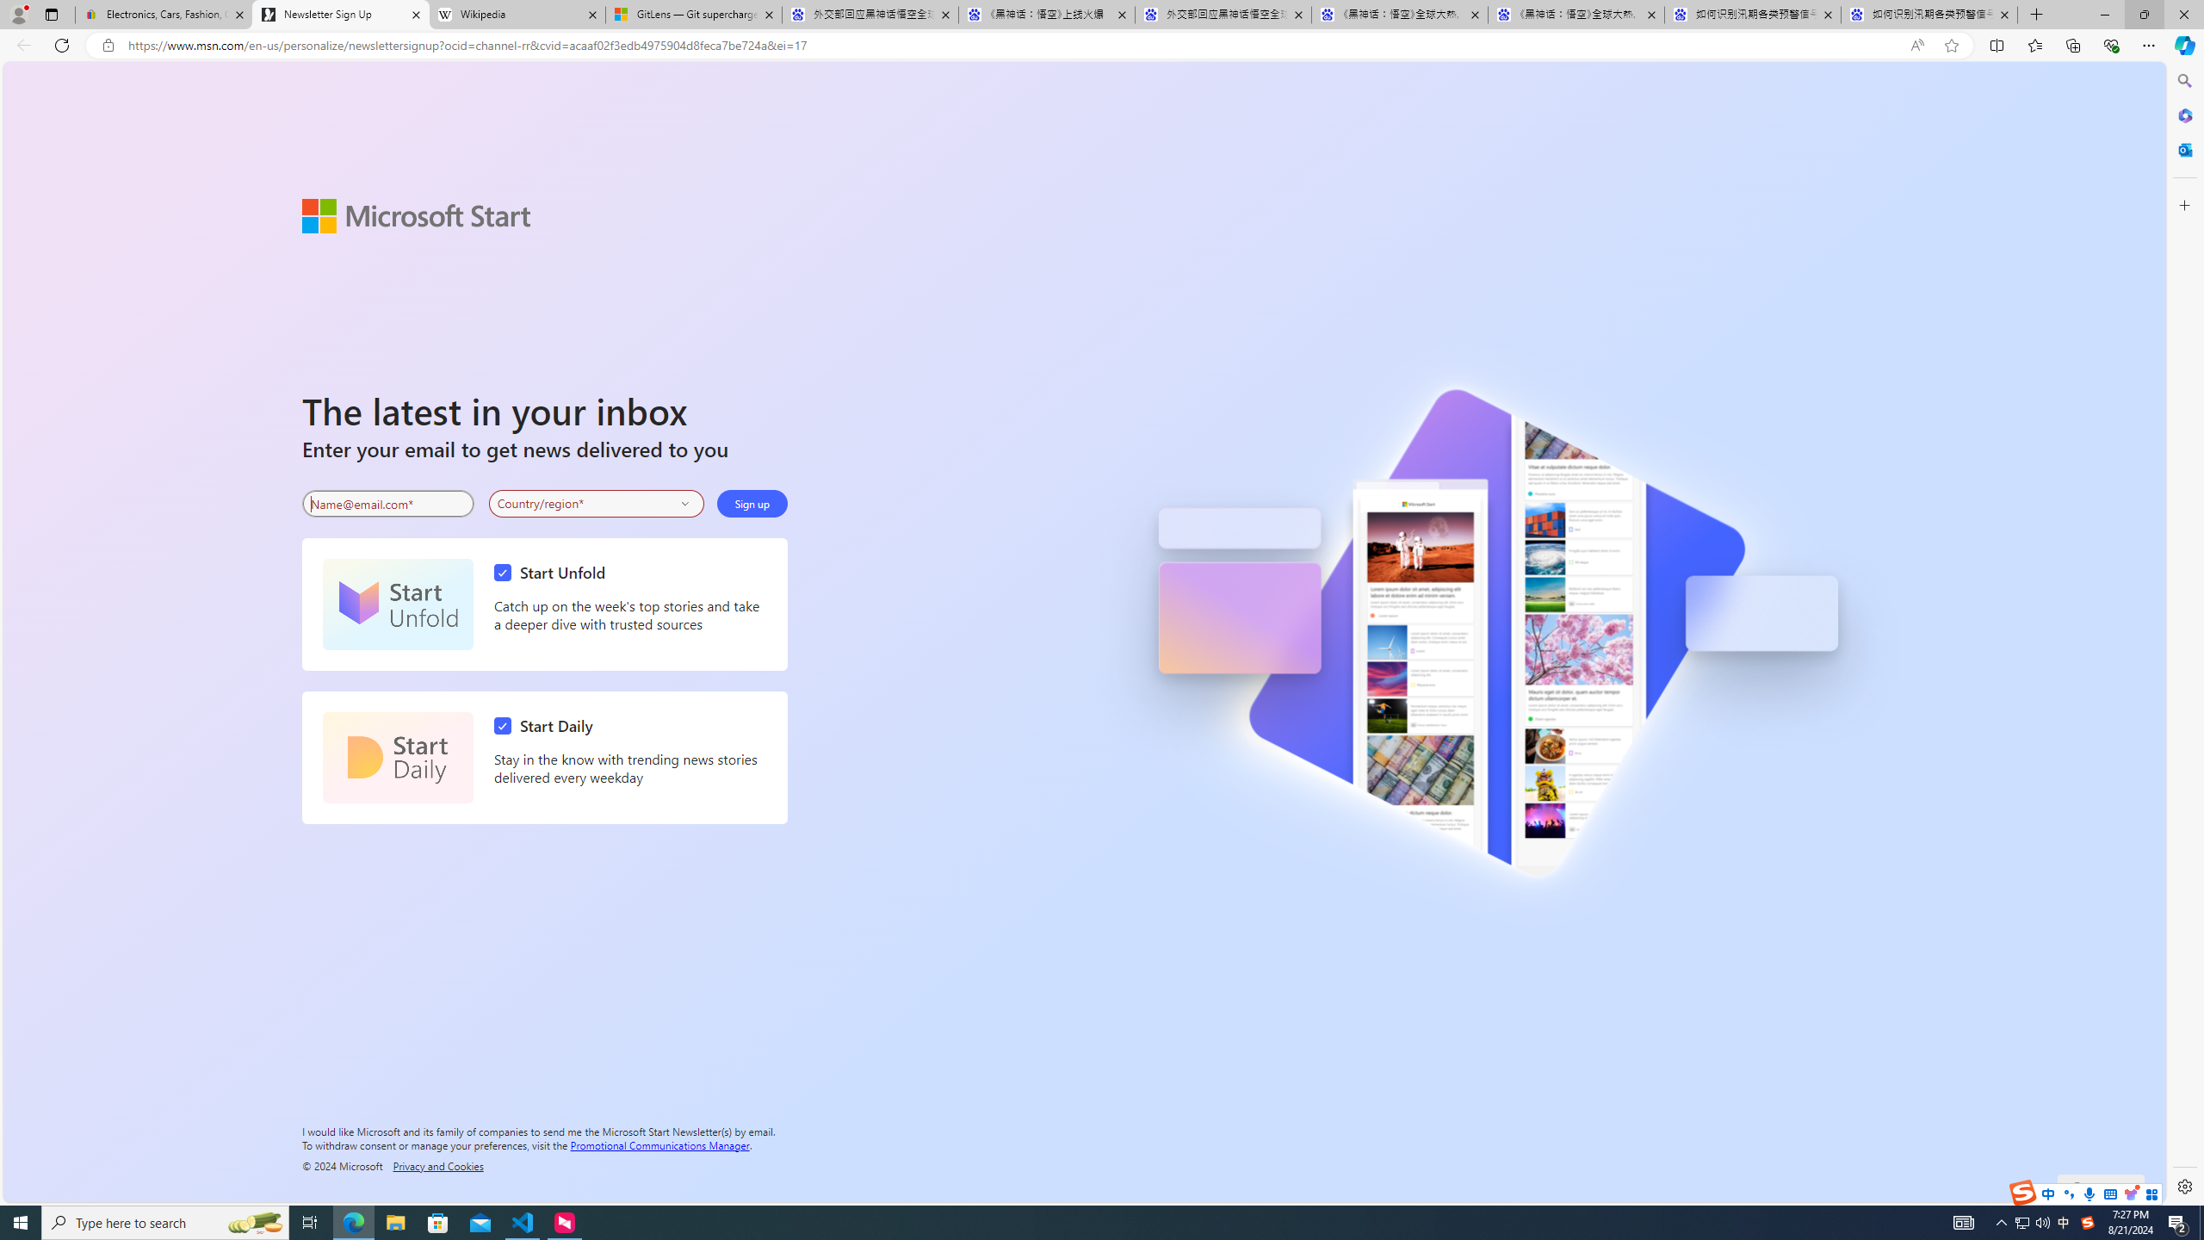 This screenshot has width=2204, height=1240. Describe the element at coordinates (516, 14) in the screenshot. I see `'Wikipedia'` at that location.